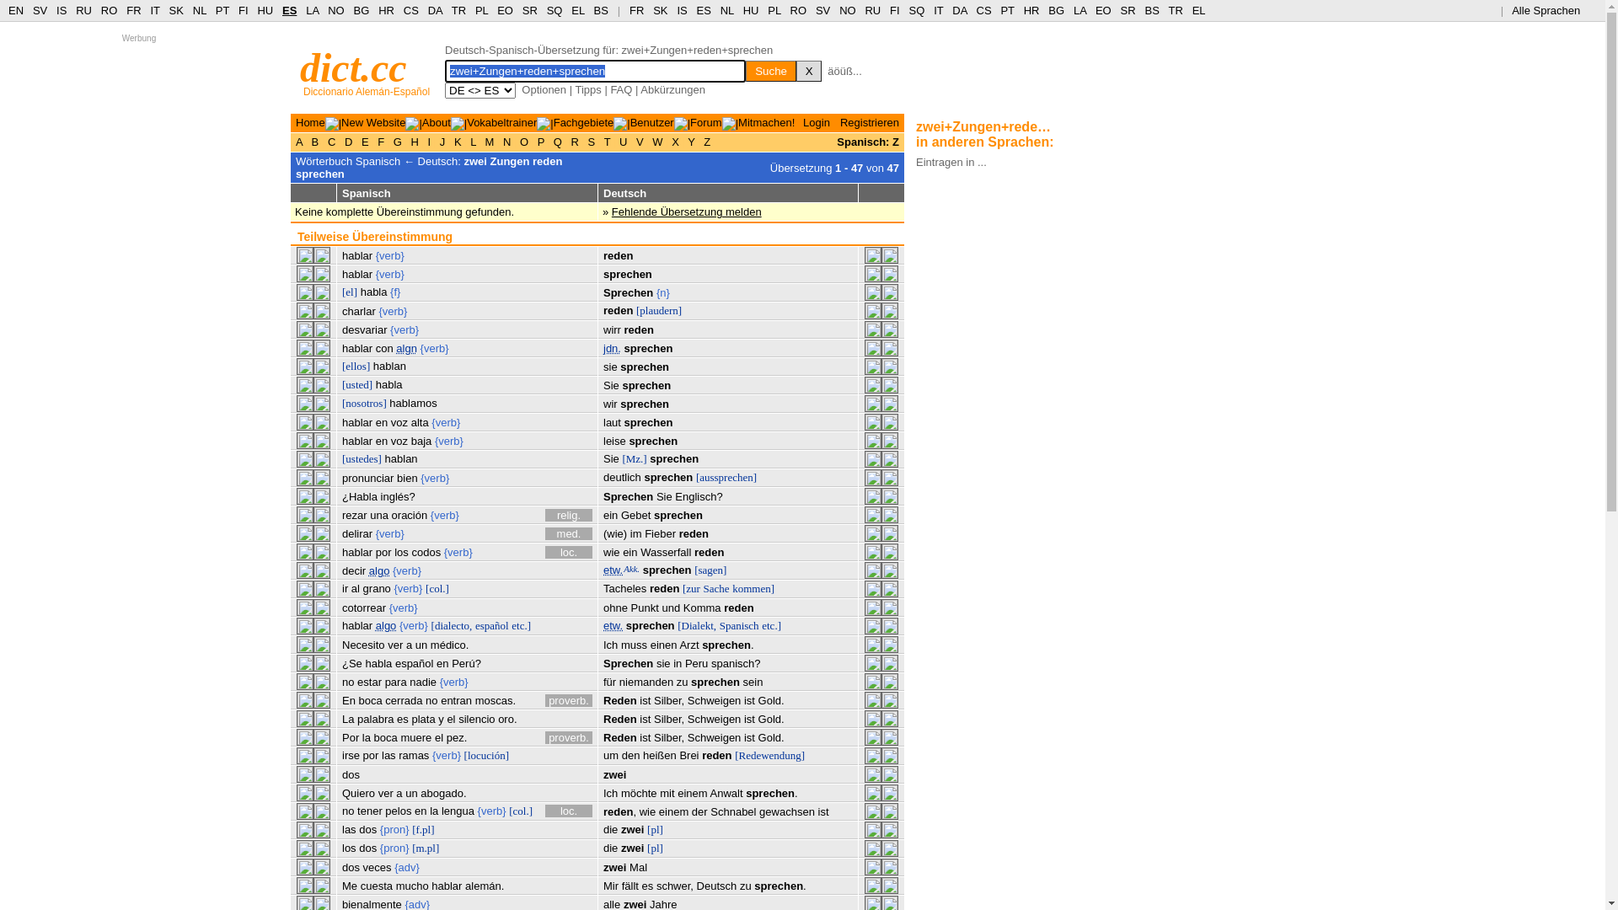 Image resolution: width=1618 pixels, height=910 pixels. I want to click on 'IS', so click(61, 10).